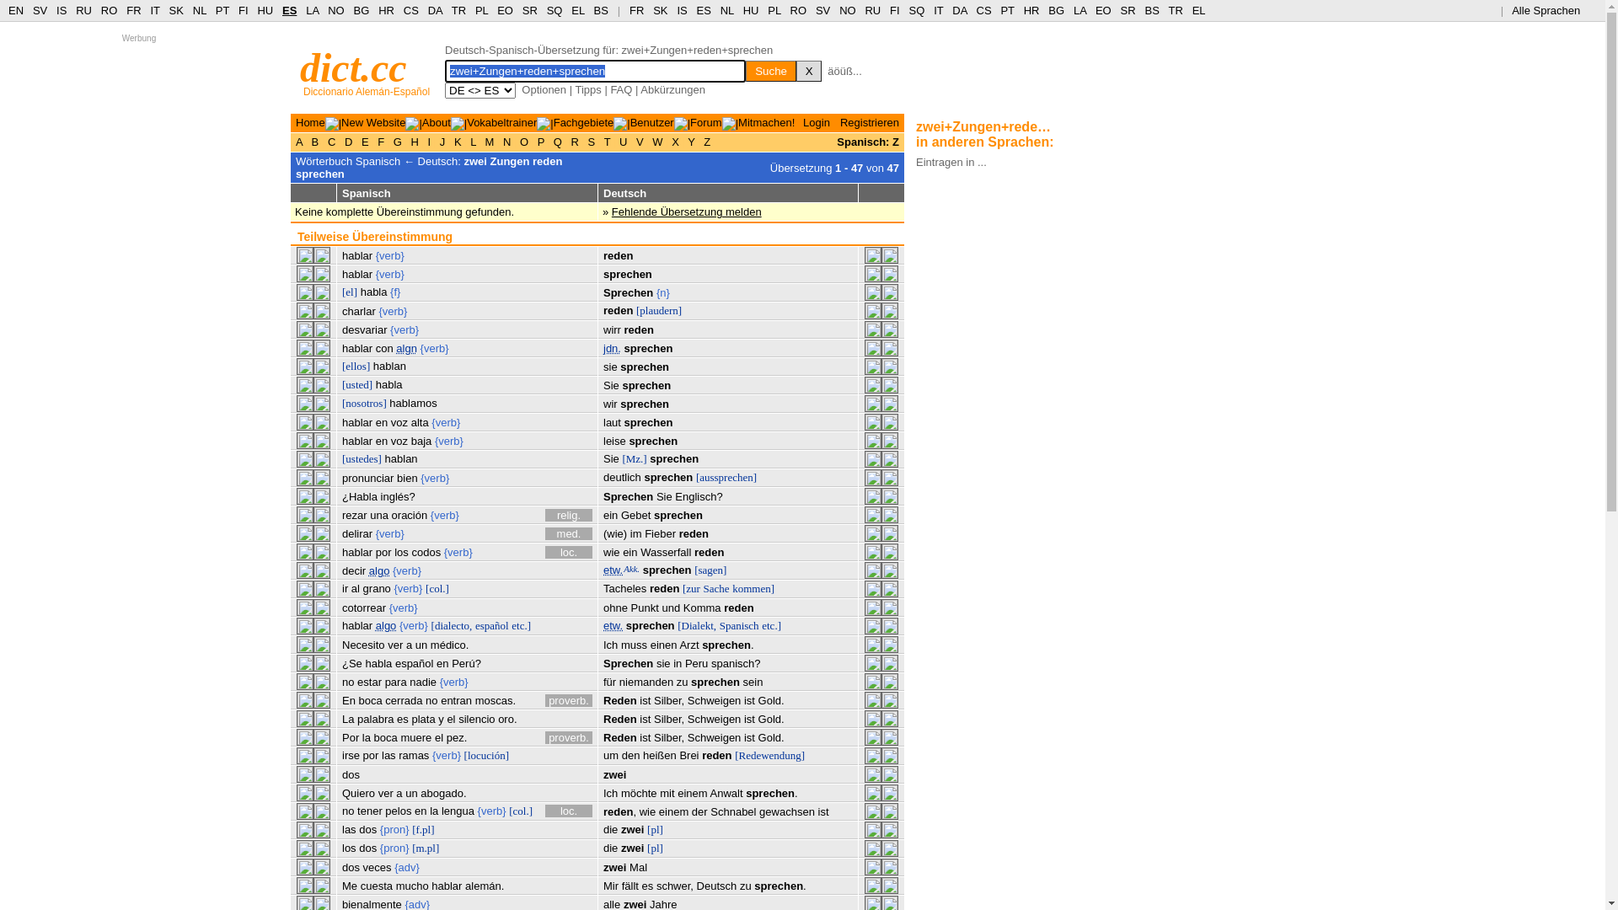 Image resolution: width=1618 pixels, height=910 pixels. I want to click on 'IS', so click(61, 10).